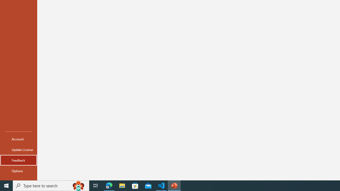 Image resolution: width=340 pixels, height=191 pixels. I want to click on 'Feedback', so click(18, 160).